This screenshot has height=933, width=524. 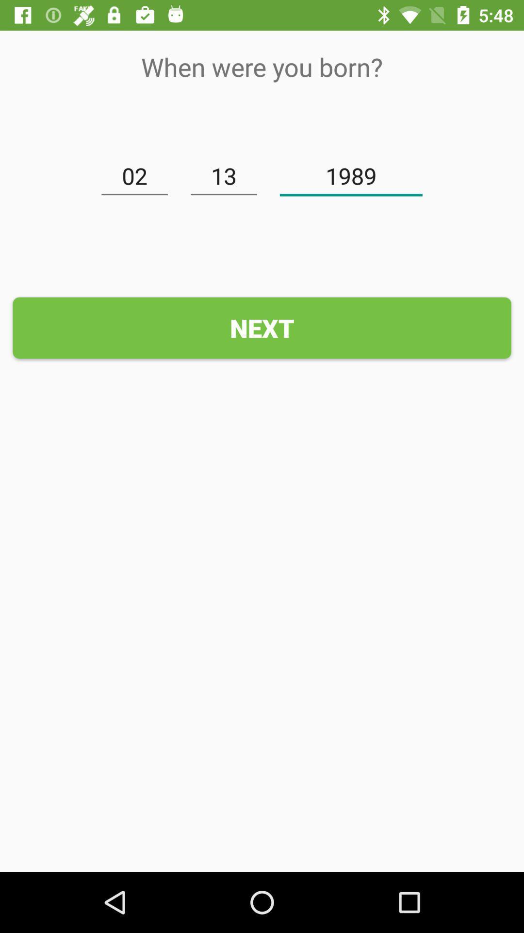 I want to click on the next icon, so click(x=262, y=328).